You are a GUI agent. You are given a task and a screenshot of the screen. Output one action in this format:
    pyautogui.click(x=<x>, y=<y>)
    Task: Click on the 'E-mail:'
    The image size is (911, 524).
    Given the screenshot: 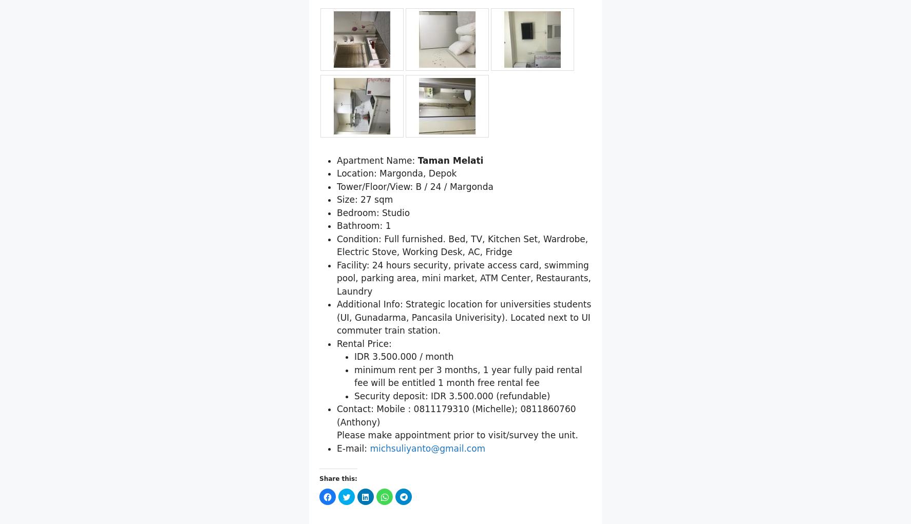 What is the action you would take?
    pyautogui.click(x=353, y=500)
    